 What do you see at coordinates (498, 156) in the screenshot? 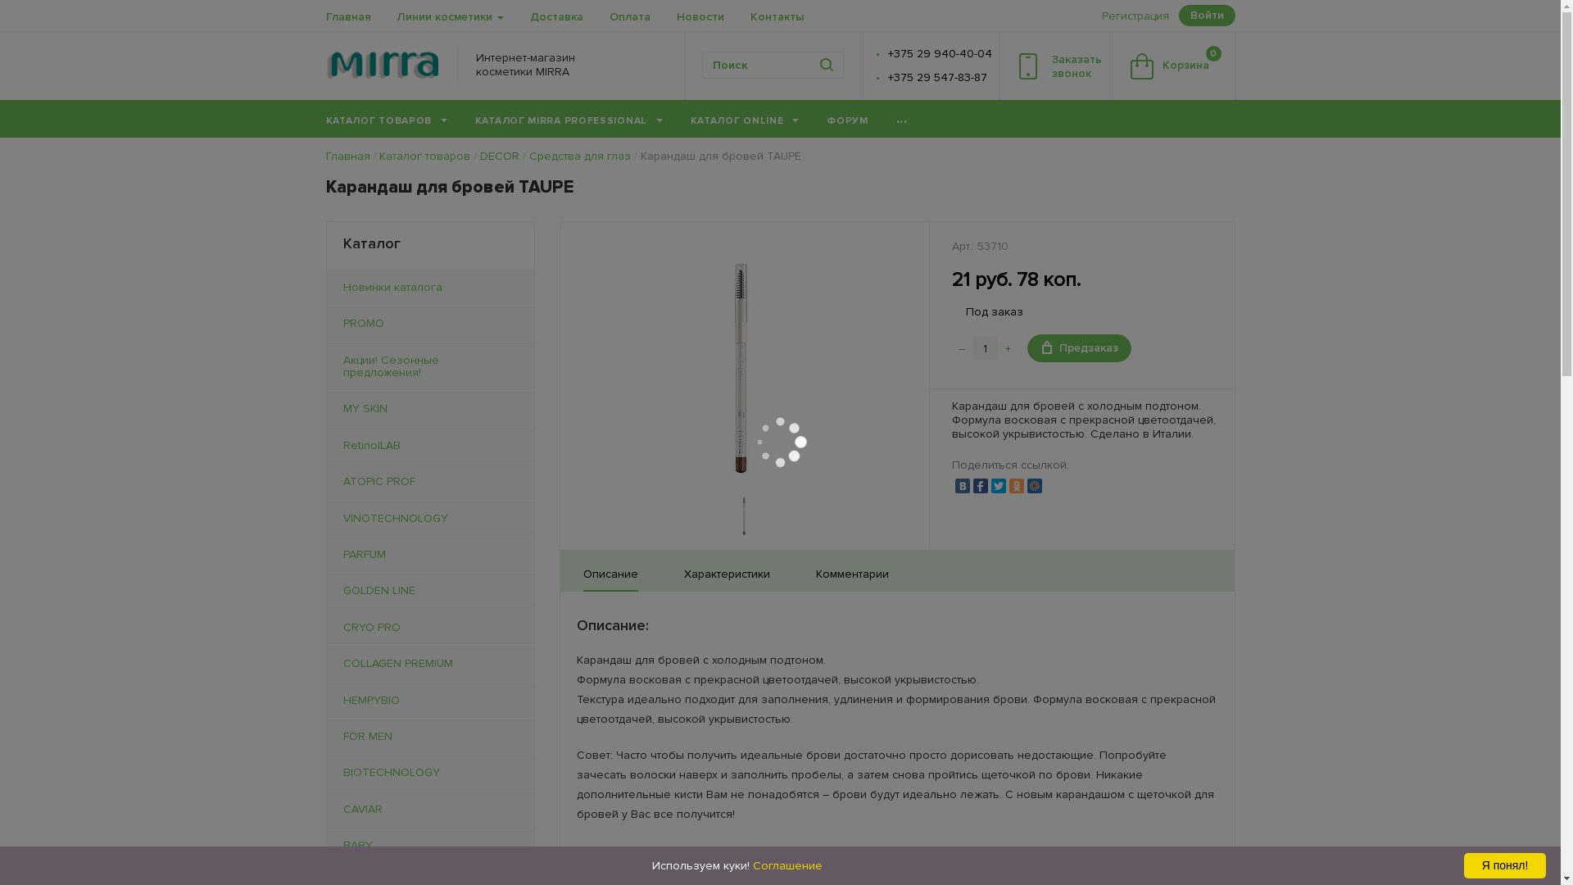
I see `'DECOR'` at bounding box center [498, 156].